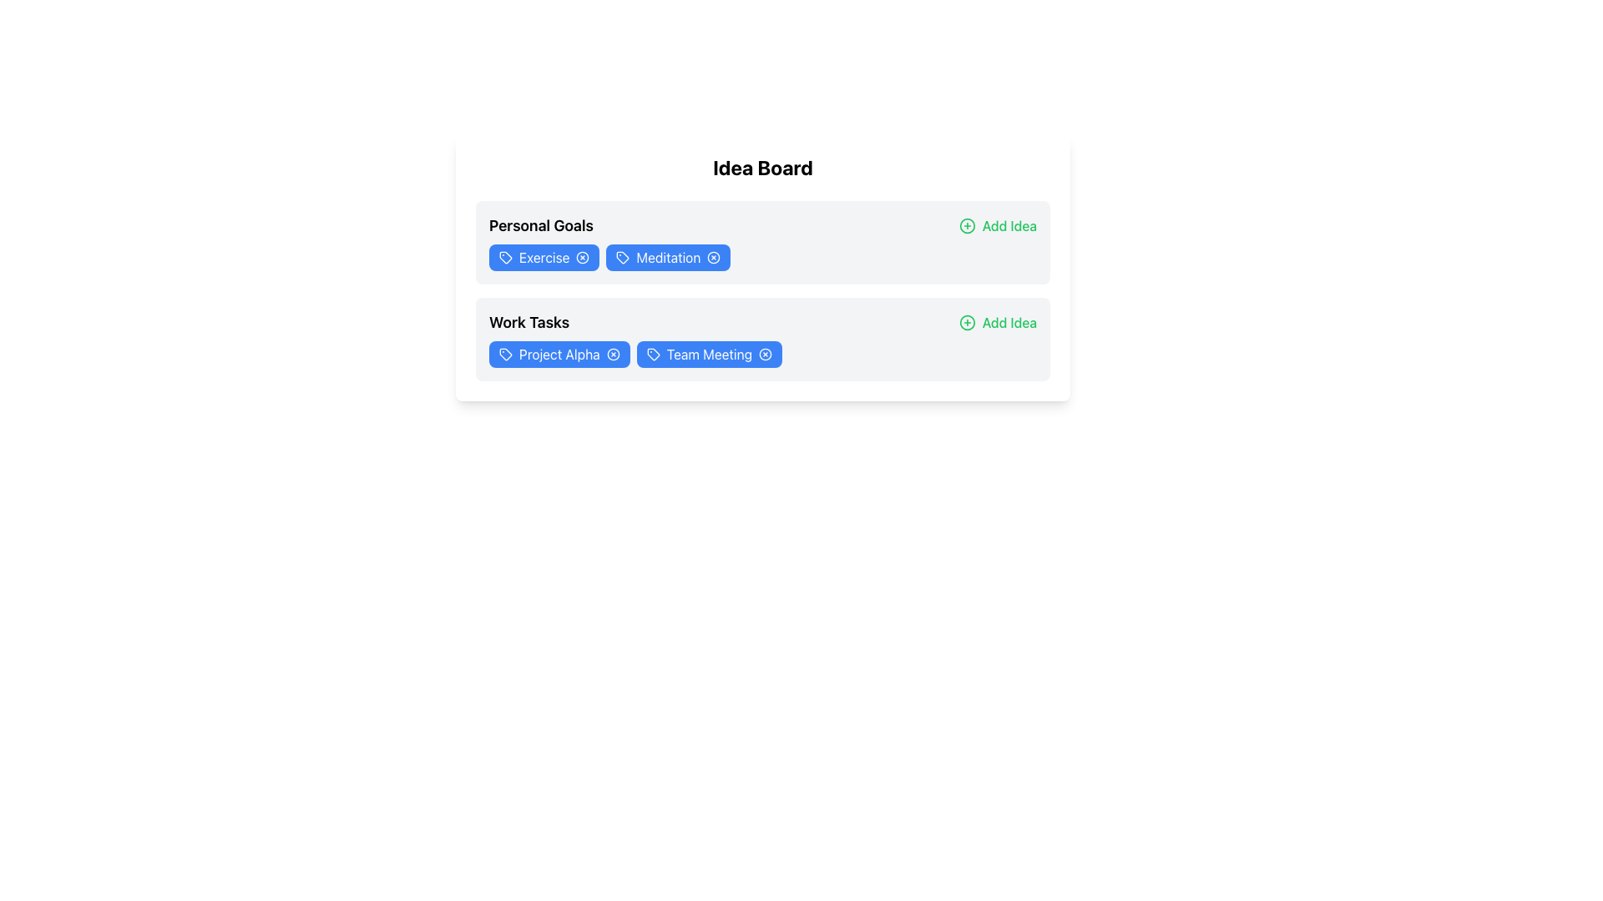 The width and height of the screenshot is (1603, 901). I want to click on the decorative circular shape within the close button of the 'Team Meeting' tag in the 'Work Tasks' section, so click(765, 353).